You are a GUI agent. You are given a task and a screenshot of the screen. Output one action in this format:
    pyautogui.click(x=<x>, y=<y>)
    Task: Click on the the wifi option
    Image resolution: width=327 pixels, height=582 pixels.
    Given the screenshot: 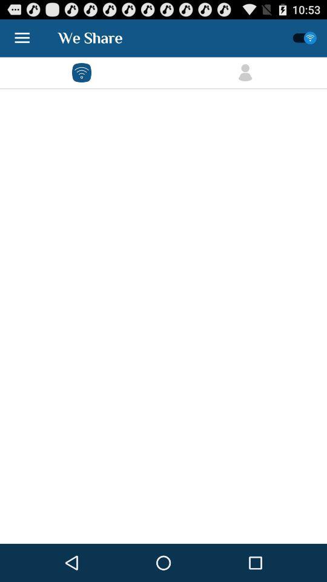 What is the action you would take?
    pyautogui.click(x=82, y=73)
    